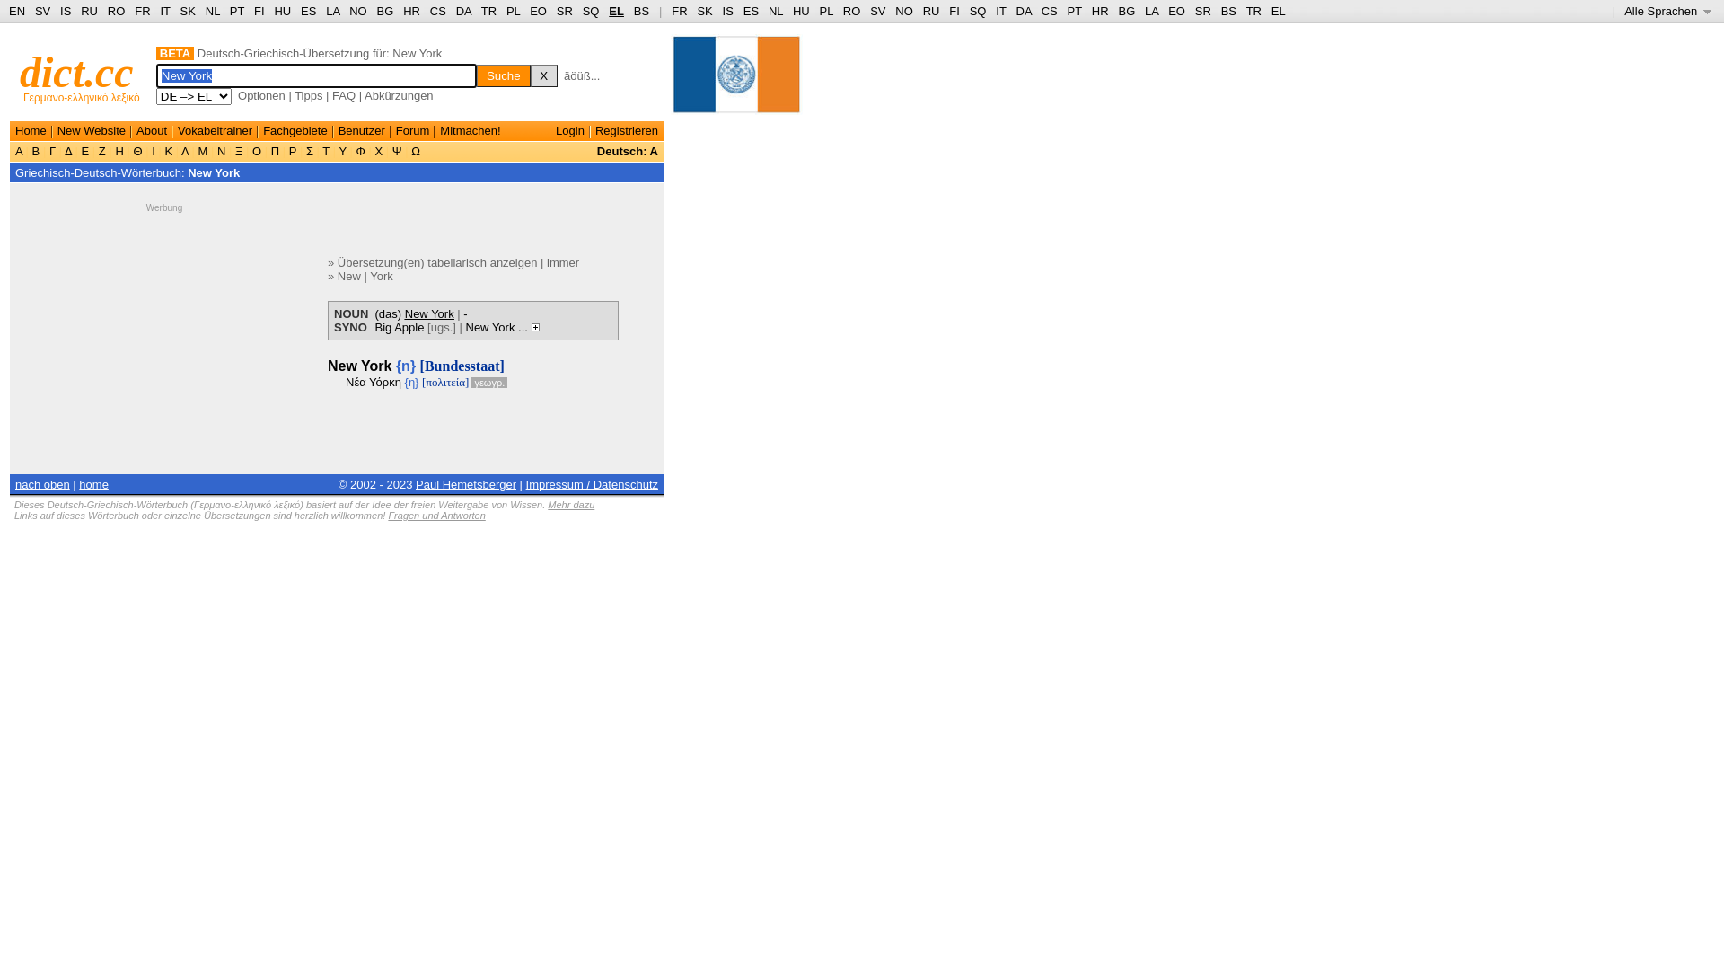  What do you see at coordinates (151, 129) in the screenshot?
I see `'About'` at bounding box center [151, 129].